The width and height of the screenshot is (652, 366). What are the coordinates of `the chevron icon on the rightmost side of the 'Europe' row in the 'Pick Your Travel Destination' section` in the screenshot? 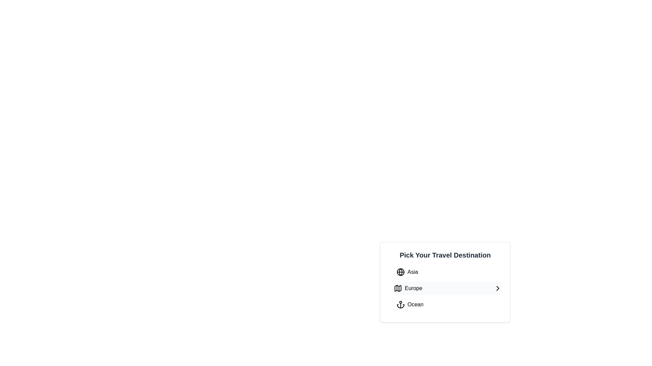 It's located at (497, 288).